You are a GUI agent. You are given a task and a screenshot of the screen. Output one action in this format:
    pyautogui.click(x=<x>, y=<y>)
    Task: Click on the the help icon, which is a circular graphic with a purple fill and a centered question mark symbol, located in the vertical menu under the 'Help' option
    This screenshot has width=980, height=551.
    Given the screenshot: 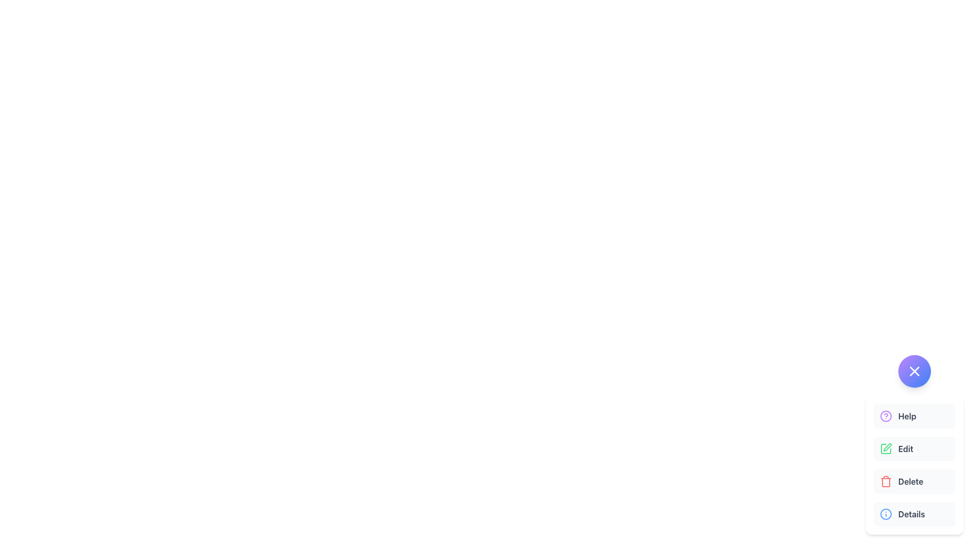 What is the action you would take?
    pyautogui.click(x=886, y=416)
    